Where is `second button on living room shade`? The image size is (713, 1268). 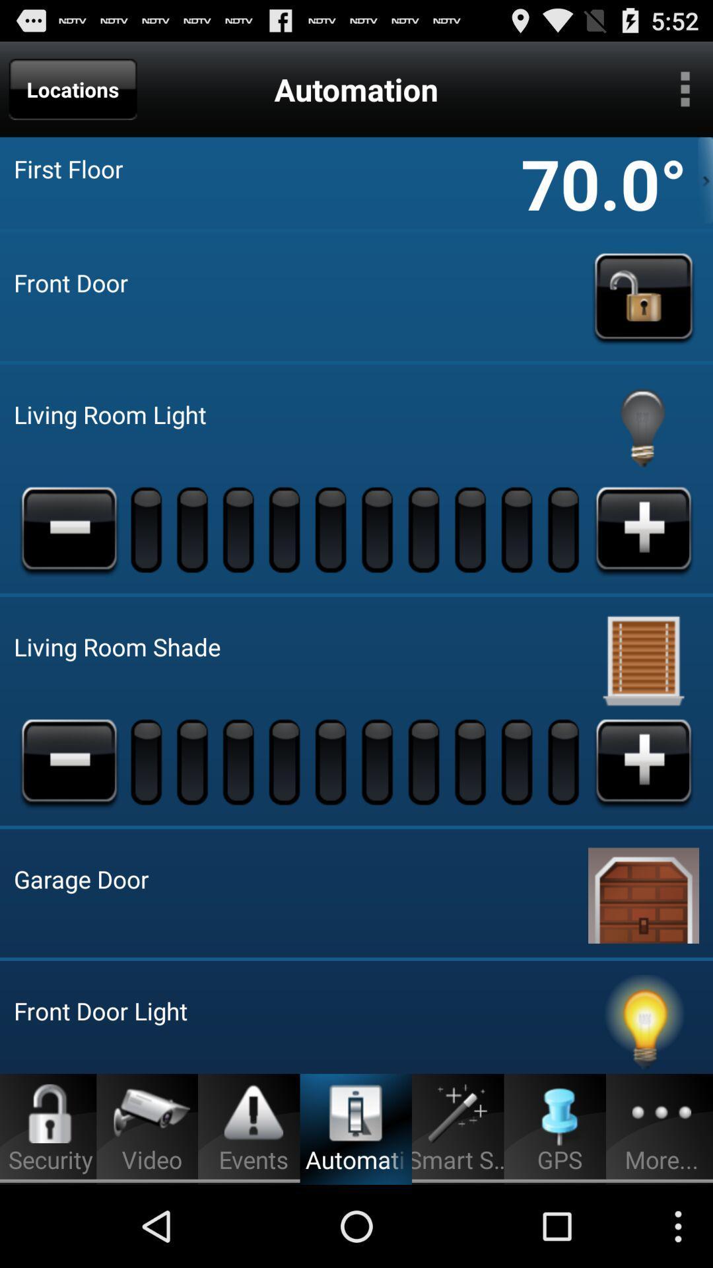 second button on living room shade is located at coordinates (147, 761).